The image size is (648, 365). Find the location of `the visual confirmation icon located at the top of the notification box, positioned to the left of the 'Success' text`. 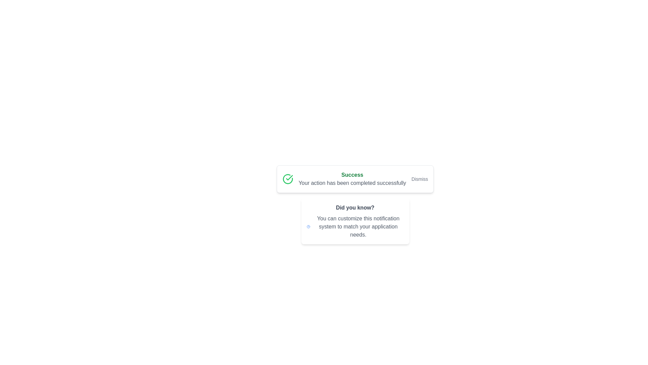

the visual confirmation icon located at the top of the notification box, positioned to the left of the 'Success' text is located at coordinates (288, 178).